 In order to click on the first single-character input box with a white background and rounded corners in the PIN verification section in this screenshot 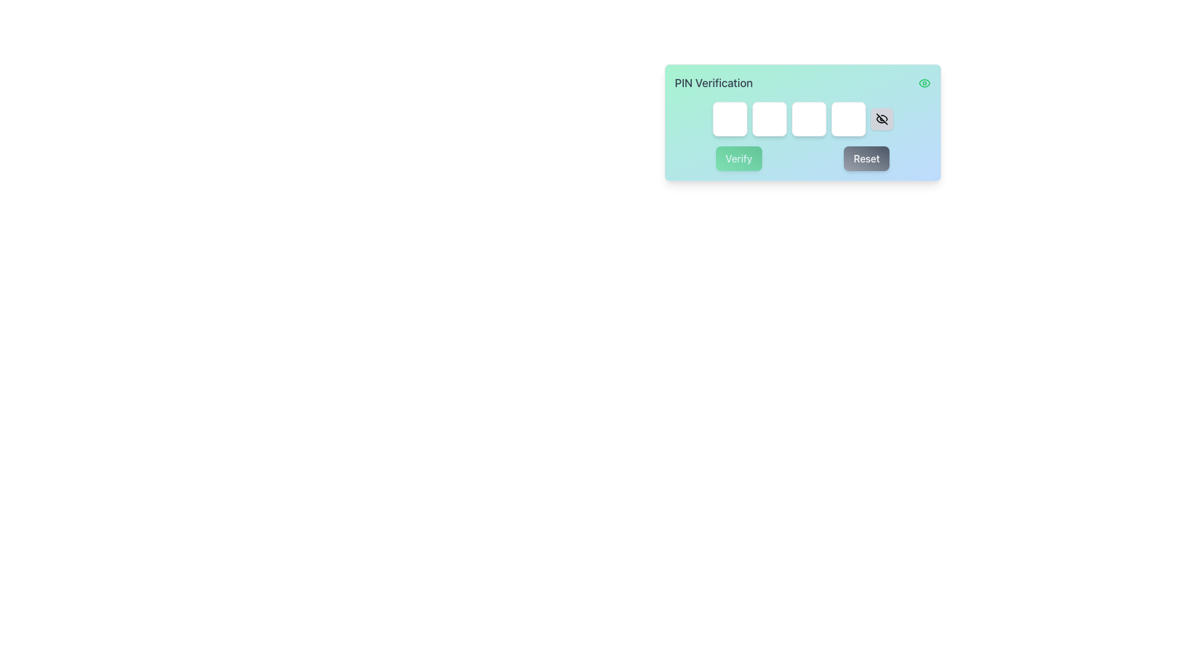, I will do `click(730, 119)`.